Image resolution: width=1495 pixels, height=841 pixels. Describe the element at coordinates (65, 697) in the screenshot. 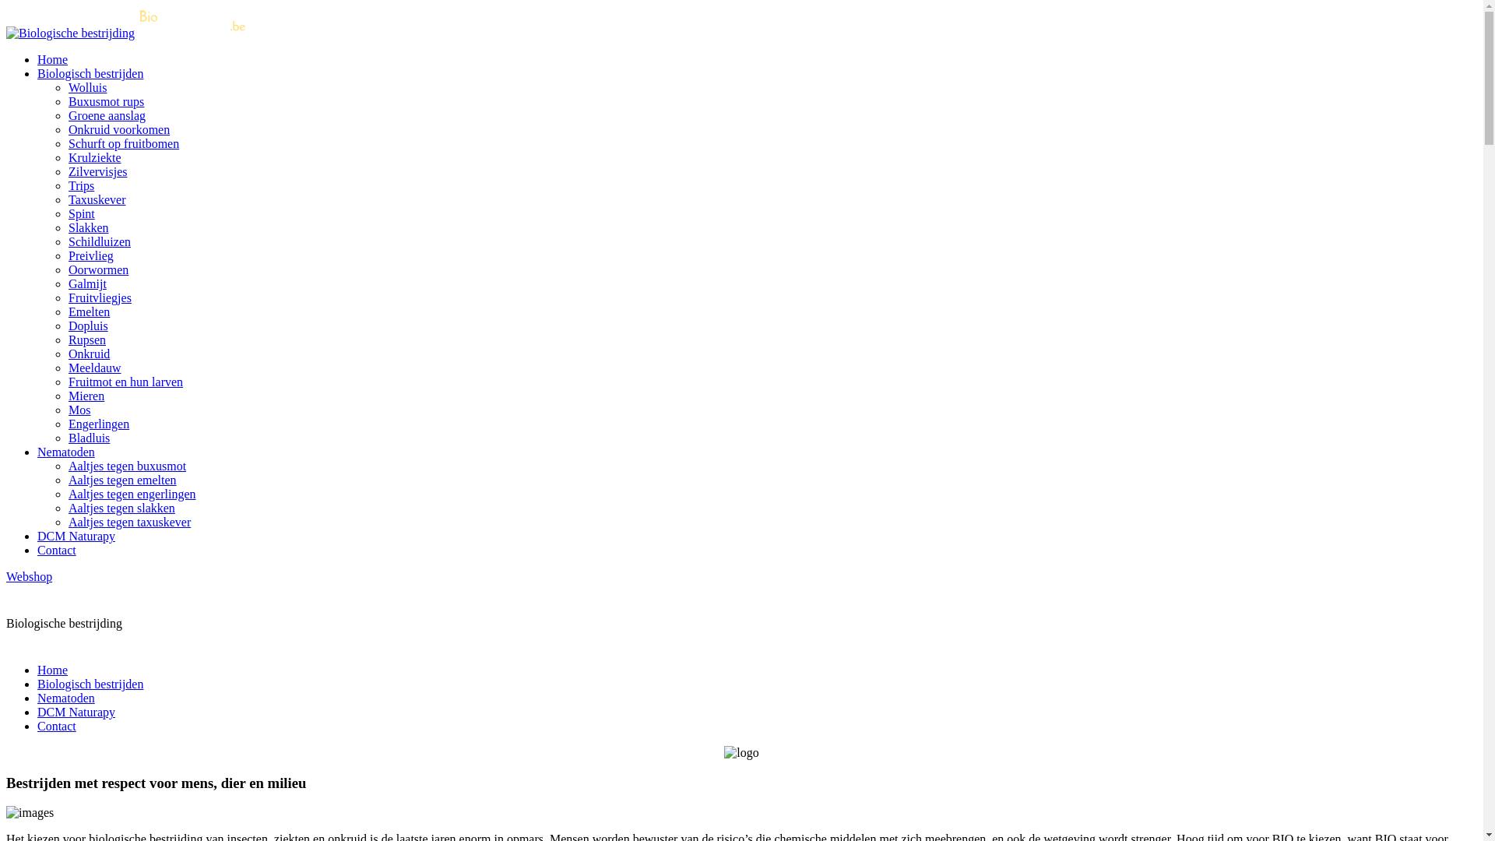

I see `'Nematoden'` at that location.